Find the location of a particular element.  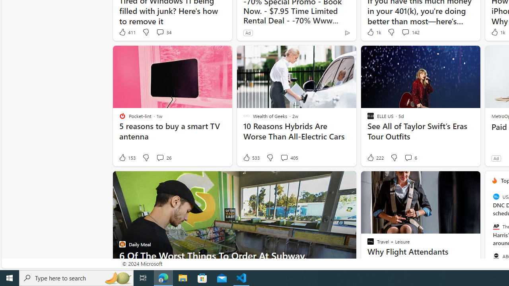

'View comments 6 Comment' is located at coordinates (410, 158).